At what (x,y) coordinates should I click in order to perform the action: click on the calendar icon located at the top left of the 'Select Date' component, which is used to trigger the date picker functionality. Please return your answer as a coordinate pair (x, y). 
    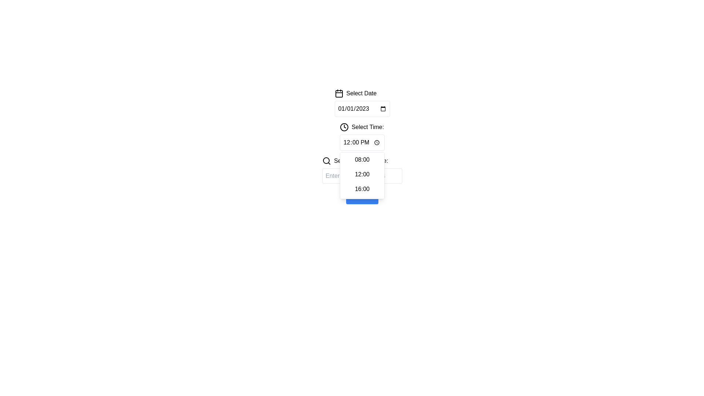
    Looking at the image, I should click on (338, 93).